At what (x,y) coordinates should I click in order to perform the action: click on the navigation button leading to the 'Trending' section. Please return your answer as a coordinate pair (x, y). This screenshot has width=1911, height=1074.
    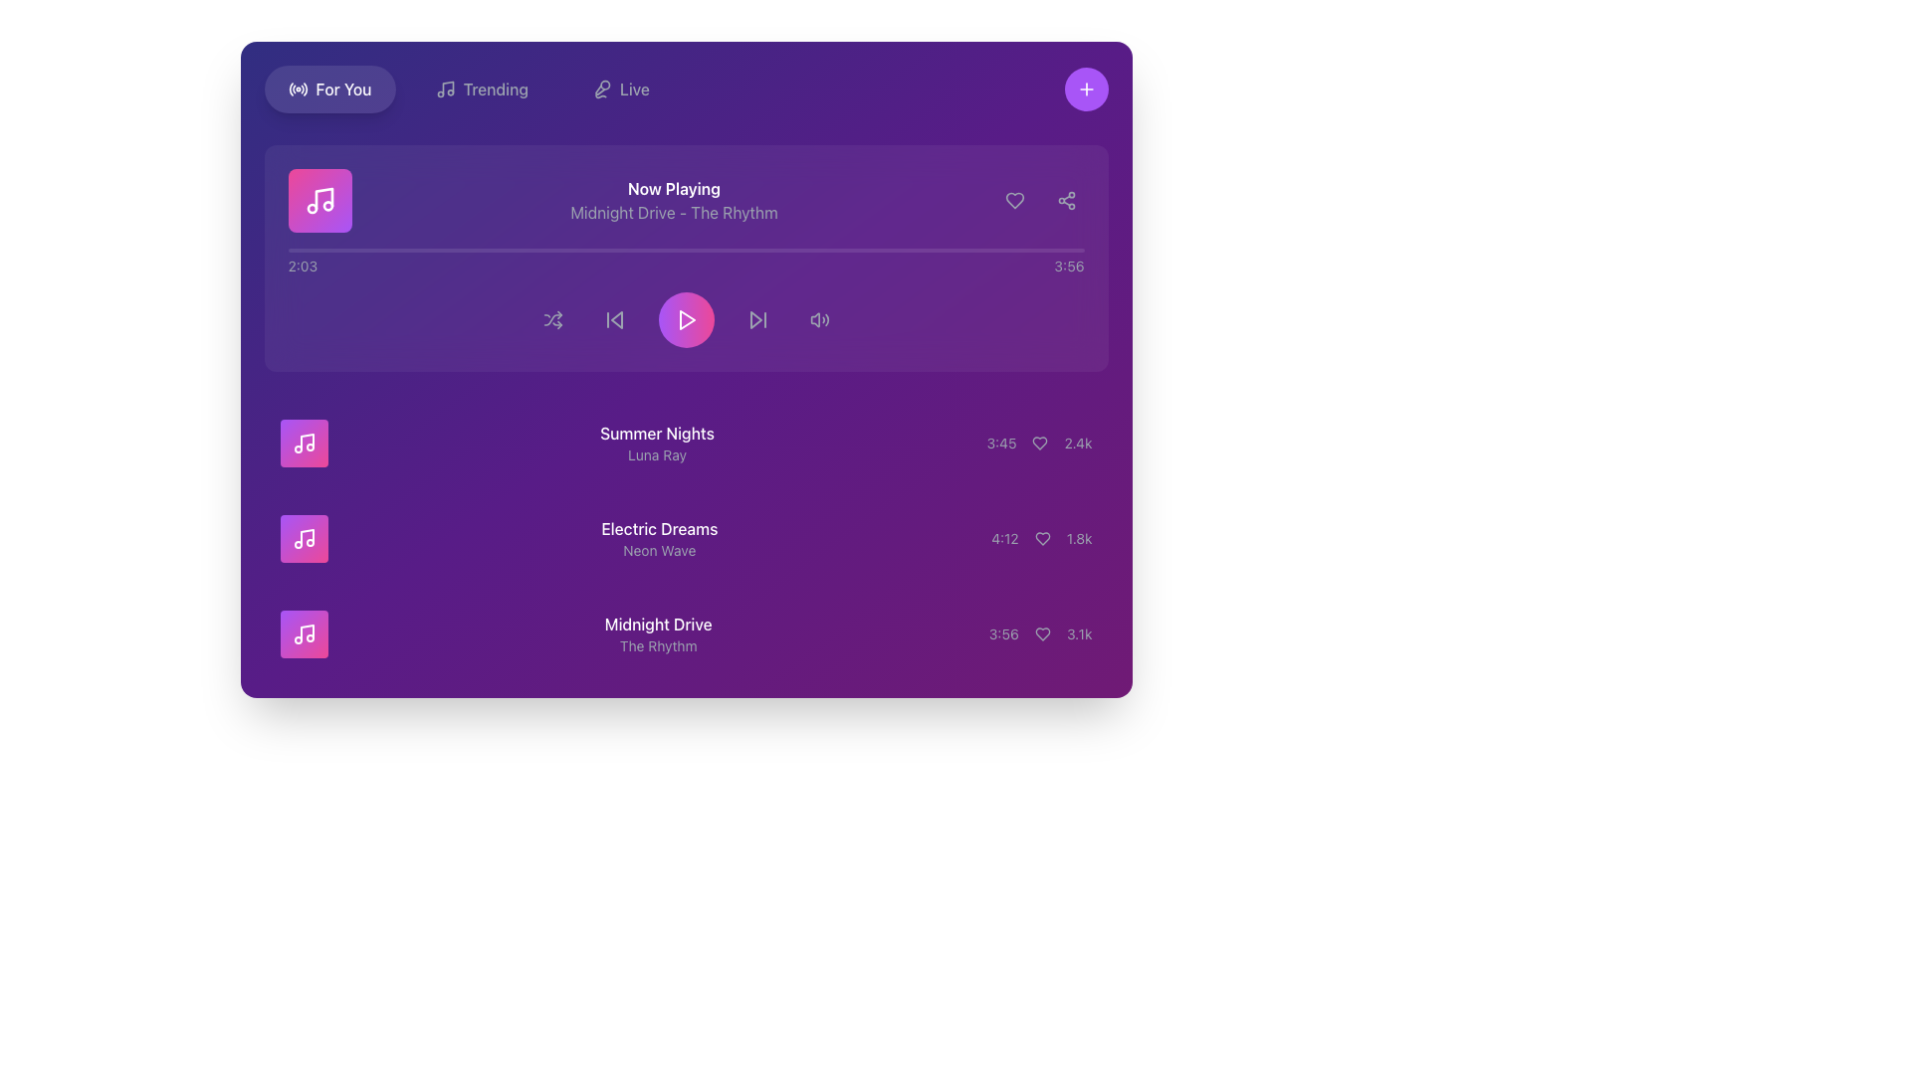
    Looking at the image, I should click on (482, 88).